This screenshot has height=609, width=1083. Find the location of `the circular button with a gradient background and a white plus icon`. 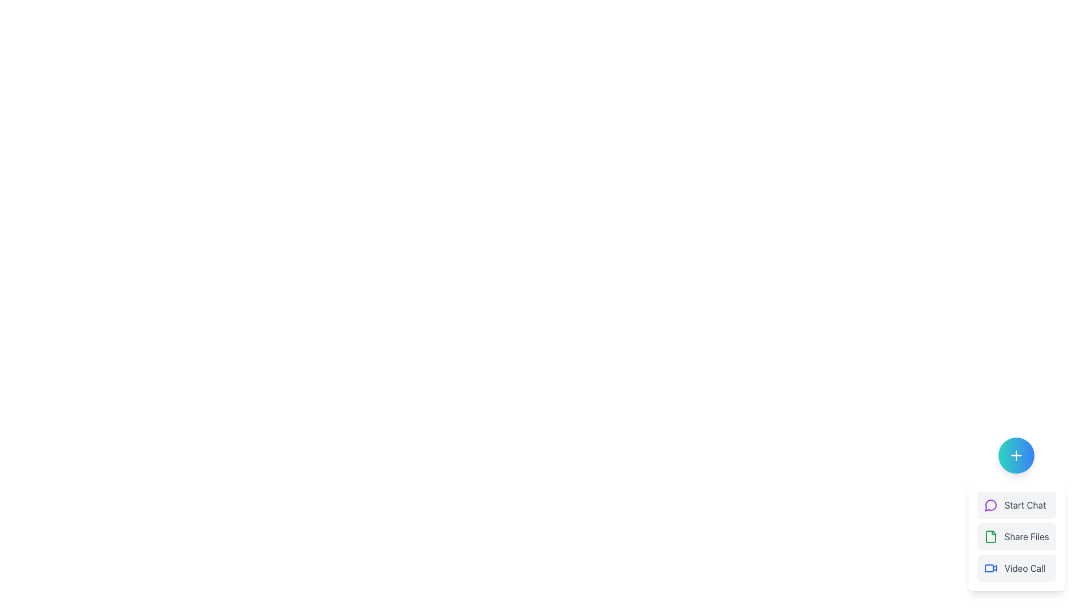

the circular button with a gradient background and a white plus icon is located at coordinates (1016, 454).